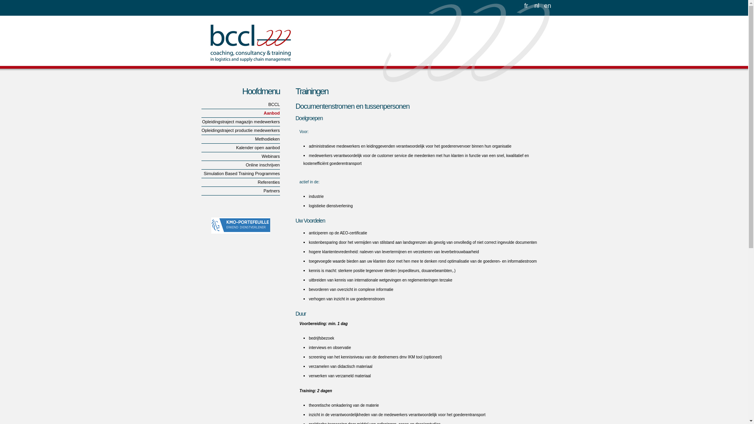 Image resolution: width=754 pixels, height=424 pixels. Describe the element at coordinates (240, 148) in the screenshot. I see `'Kalender open aanbod'` at that location.